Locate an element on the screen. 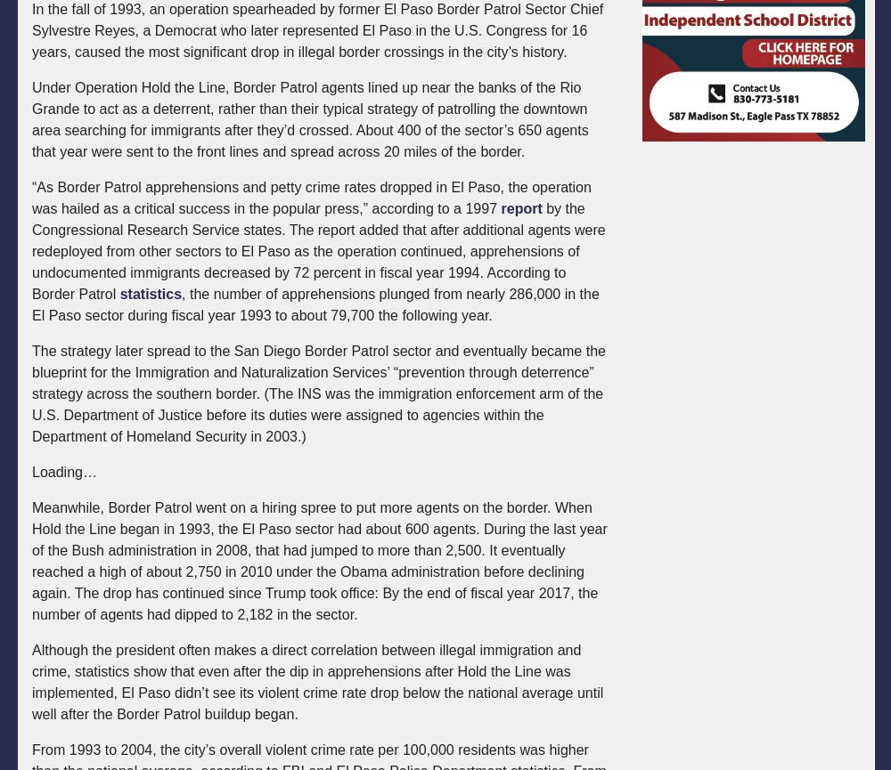 Image resolution: width=891 pixels, height=770 pixels. 'Under Operation Hold the Line, Border Patrol agents lined up near the banks of the Rio Grande to act as a deterrent, rather than their typical strategy of patrolling the downtown area searching for immigrants after they’d crossed. About 400 of the sector’s 650 agents that year were sent to the front lines and spread across 20 miles of the border.' is located at coordinates (309, 119).